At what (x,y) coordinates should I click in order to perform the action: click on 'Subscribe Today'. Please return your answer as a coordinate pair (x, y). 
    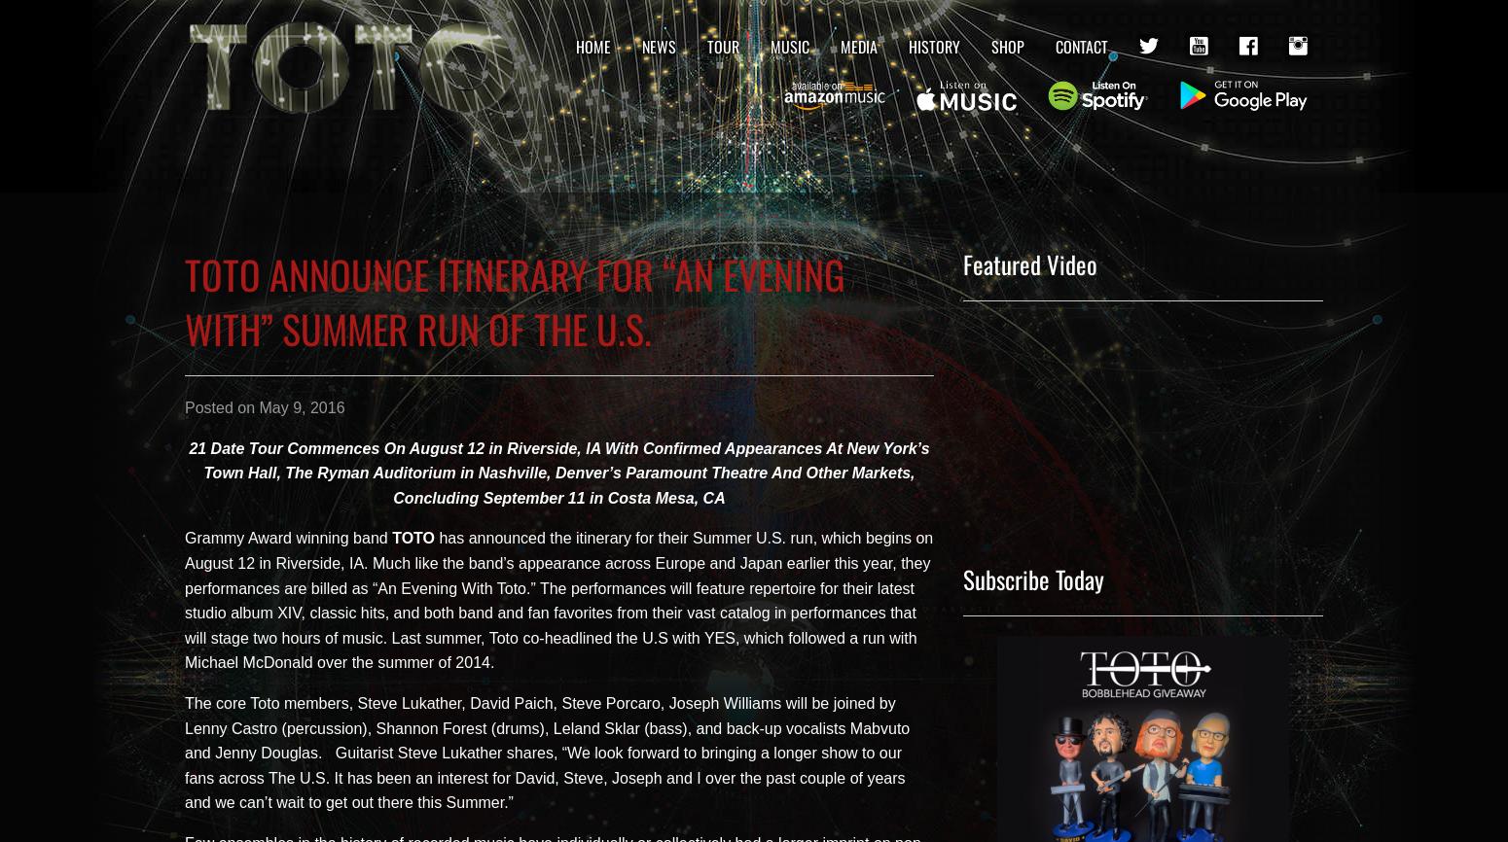
    Looking at the image, I should click on (1033, 579).